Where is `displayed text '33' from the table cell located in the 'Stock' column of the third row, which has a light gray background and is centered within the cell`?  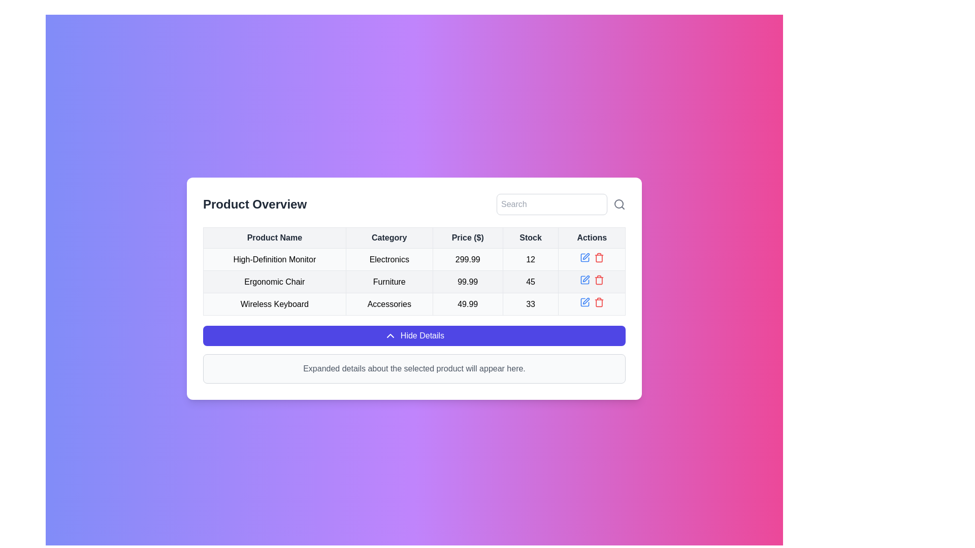
displayed text '33' from the table cell located in the 'Stock' column of the third row, which has a light gray background and is centered within the cell is located at coordinates (530, 303).